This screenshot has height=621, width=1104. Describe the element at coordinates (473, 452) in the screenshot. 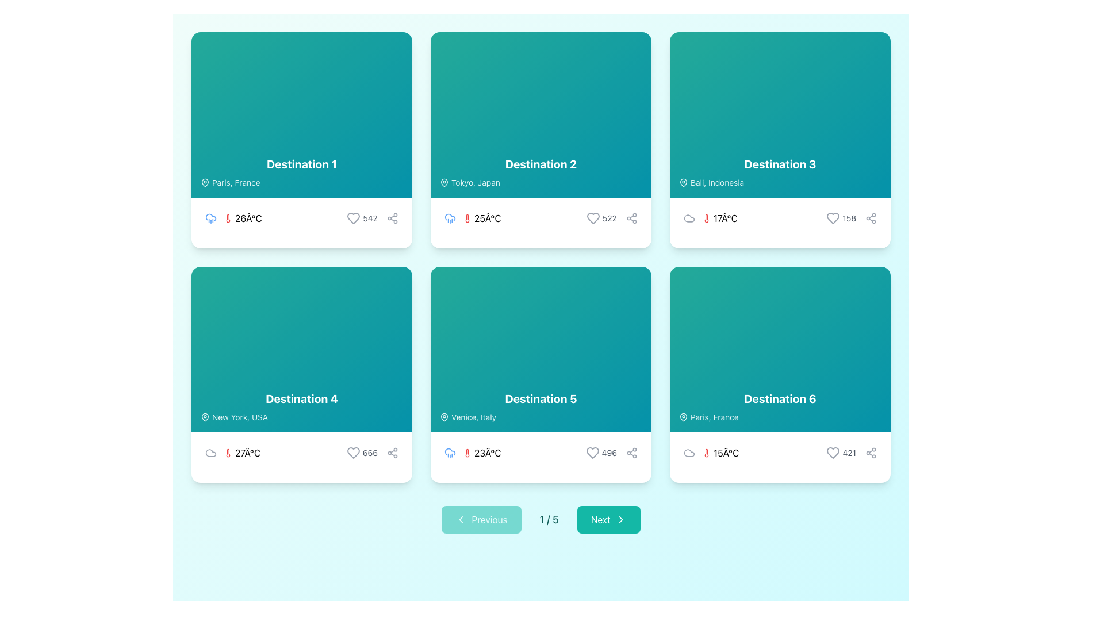

I see `temperature display label located within the fifth card labeled 'Destination 5' below the destination label 'Venice, Italy'` at that location.